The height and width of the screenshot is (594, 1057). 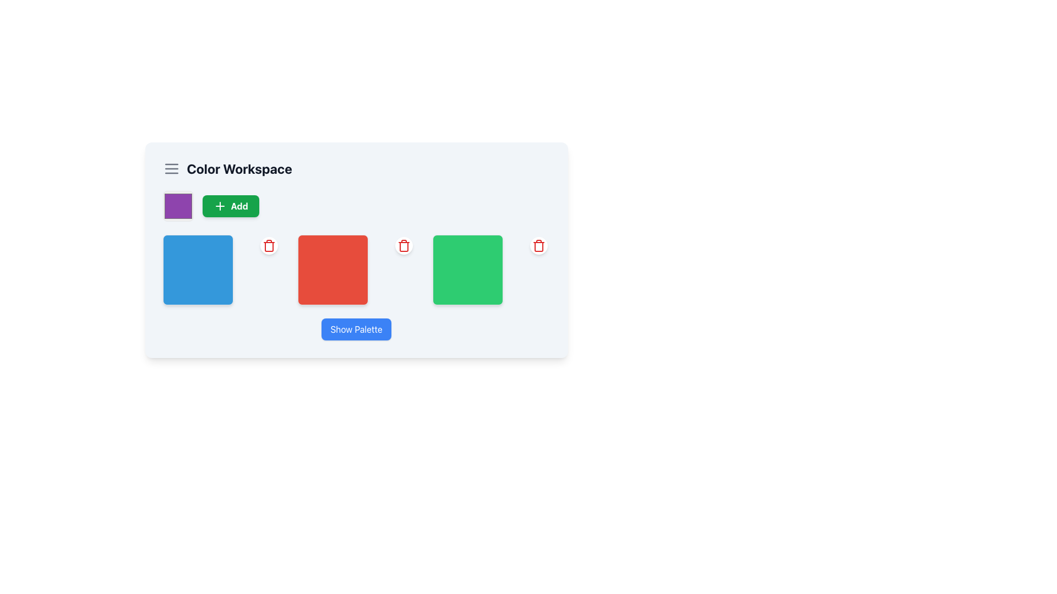 What do you see at coordinates (404, 245) in the screenshot?
I see `the trash/delete icon located in the top-right corner of the red square` at bounding box center [404, 245].